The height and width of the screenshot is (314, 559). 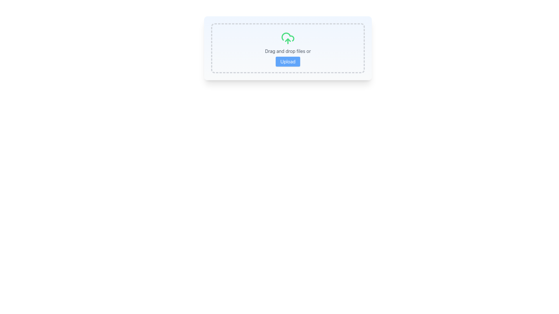 I want to click on the decorative cloud upload icon that visually indicates the file upload capability of the interface, located centrally within the box containing the text 'Drag and drop files or' and the blue 'Upload' button beneath, so click(x=288, y=40).